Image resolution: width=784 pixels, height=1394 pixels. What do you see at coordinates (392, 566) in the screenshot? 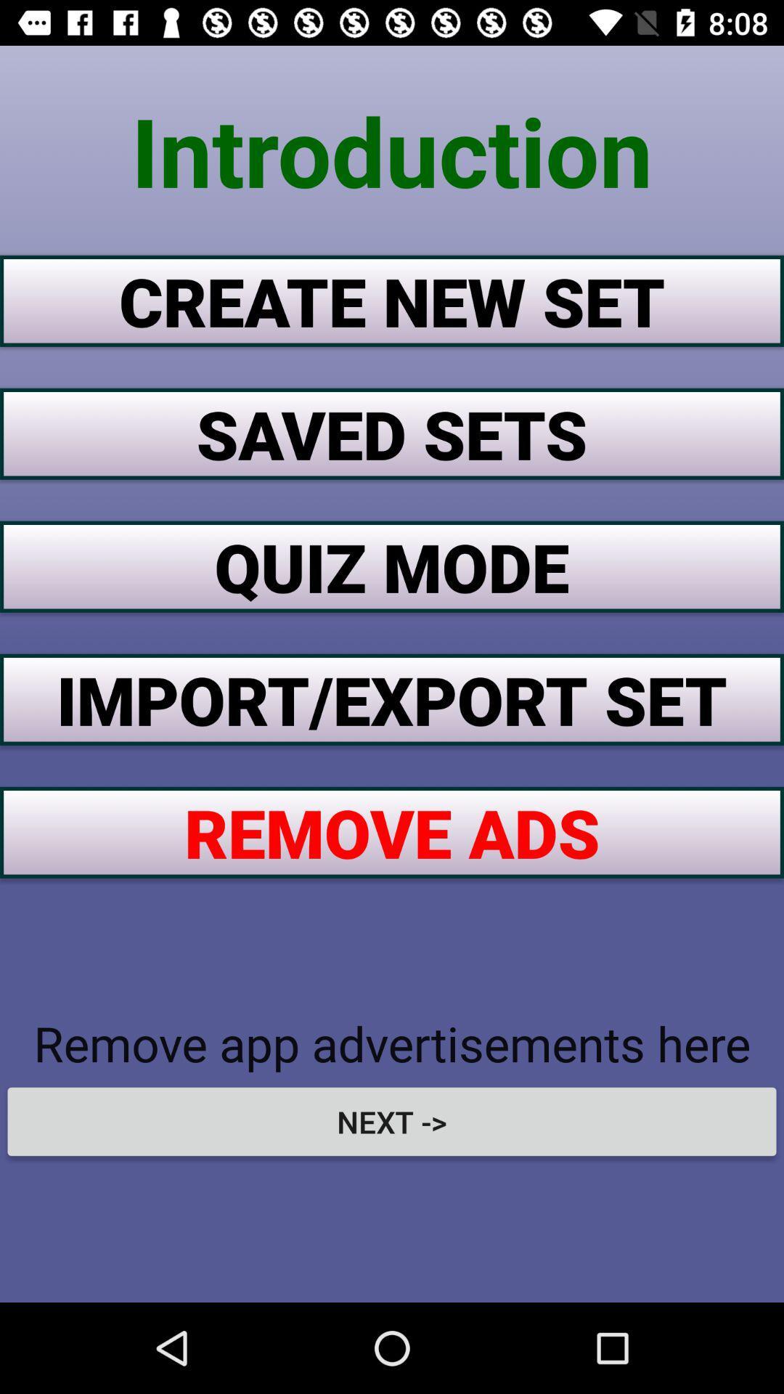
I see `the button below the saved sets` at bounding box center [392, 566].